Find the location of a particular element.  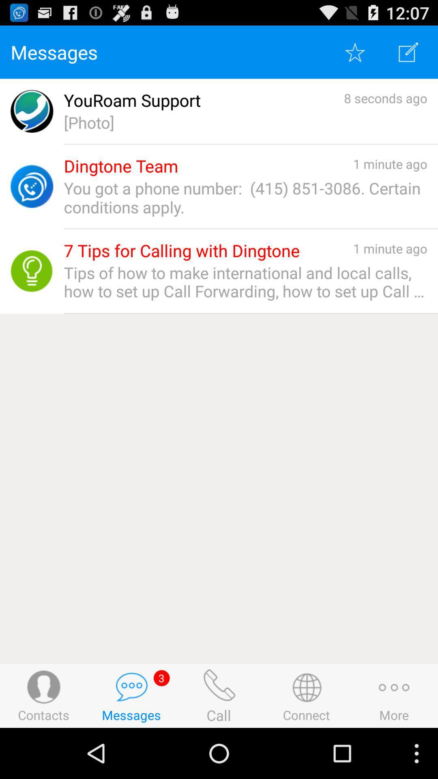

the app to the left of 8 seconds ago app is located at coordinates (132, 100).